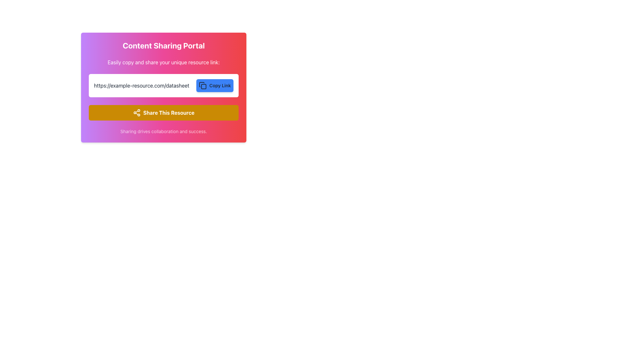 The image size is (620, 349). I want to click on the icon inside the 'Copy Link' button to initiate the copy action, which allows for sharing the associated link, so click(201, 84).